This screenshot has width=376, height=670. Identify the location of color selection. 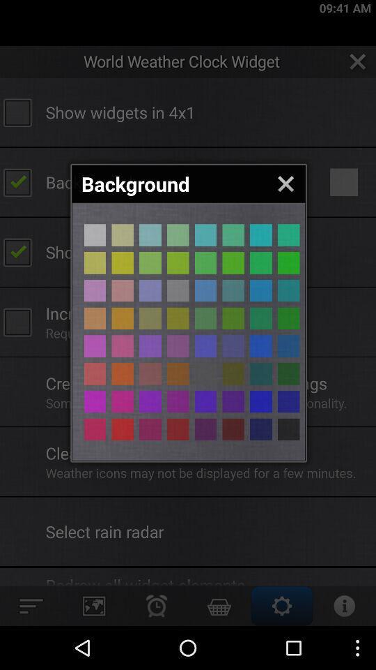
(233, 235).